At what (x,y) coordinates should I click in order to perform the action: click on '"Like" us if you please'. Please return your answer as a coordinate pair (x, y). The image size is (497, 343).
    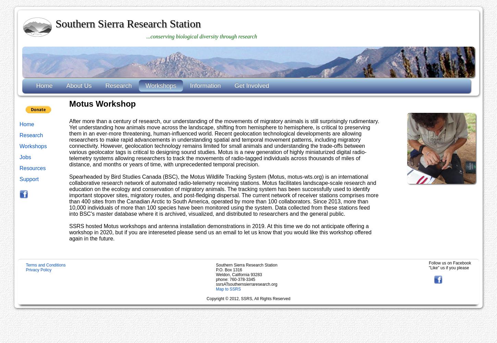
    Looking at the image, I should click on (429, 268).